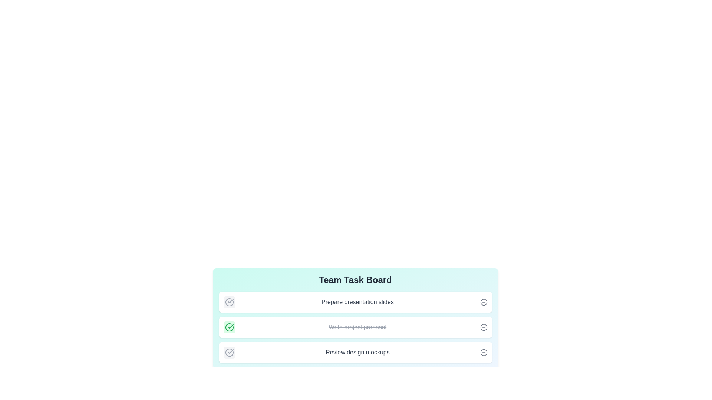 This screenshot has width=712, height=400. I want to click on the task title Prepare presentation slides to toggle its completion status, so click(229, 302).